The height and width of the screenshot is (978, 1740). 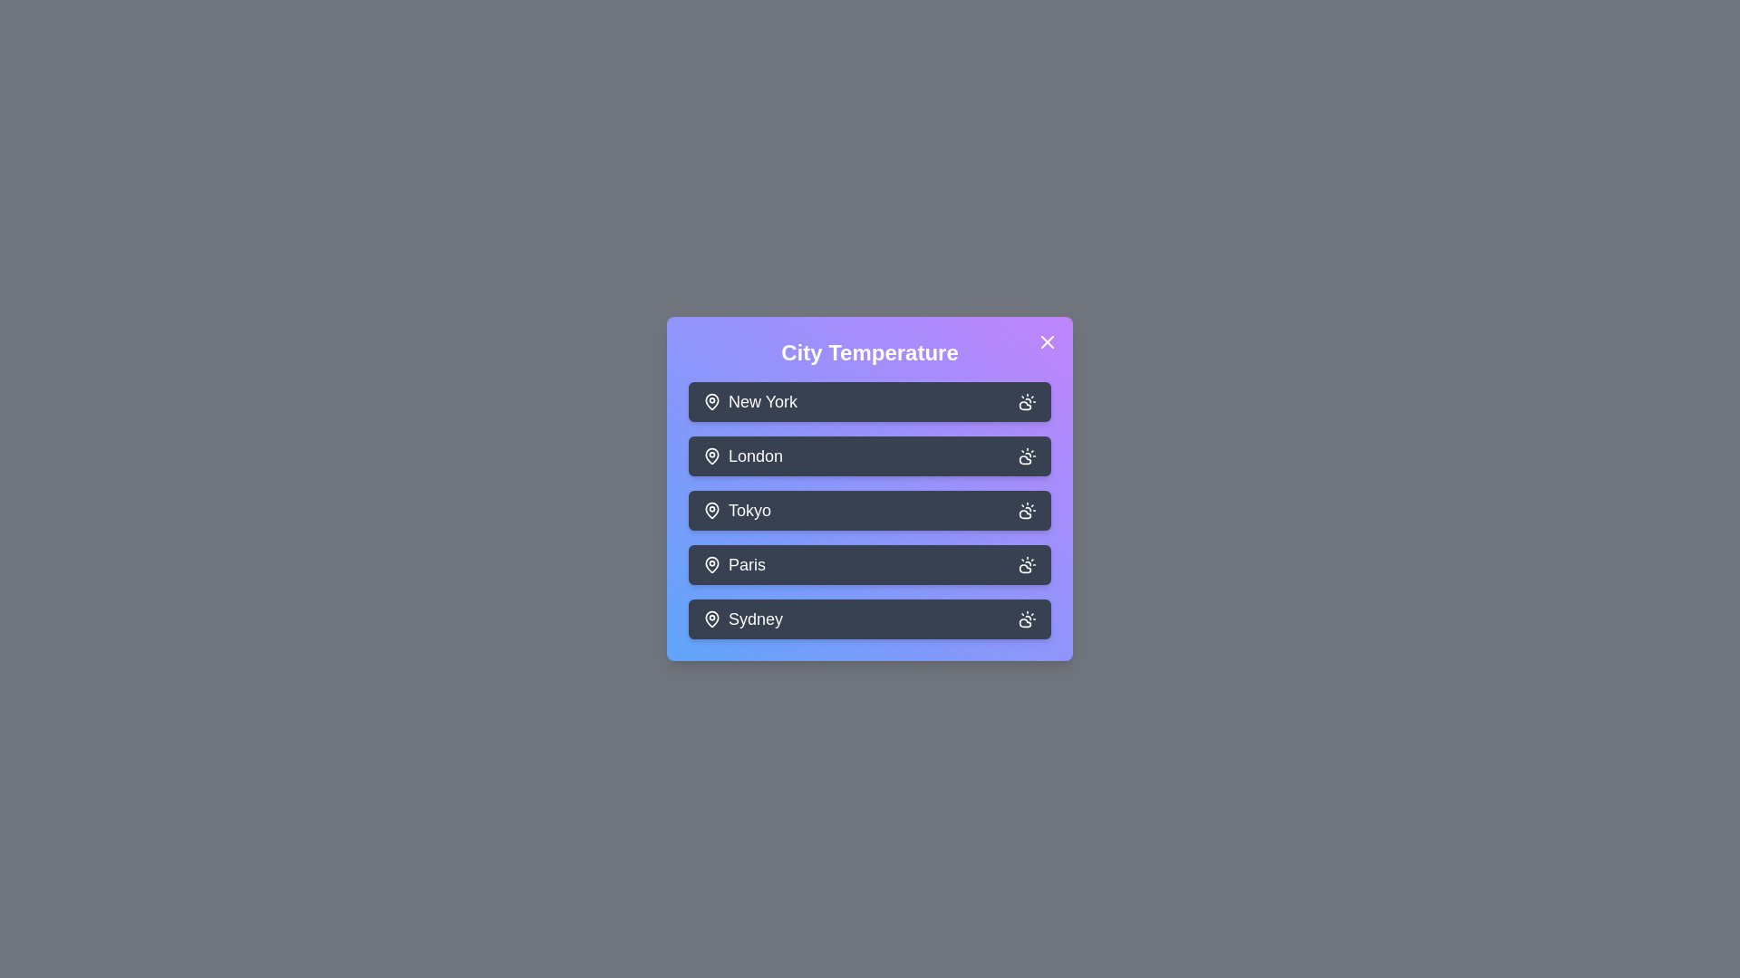 I want to click on the button corresponding to the city Sydney, so click(x=870, y=618).